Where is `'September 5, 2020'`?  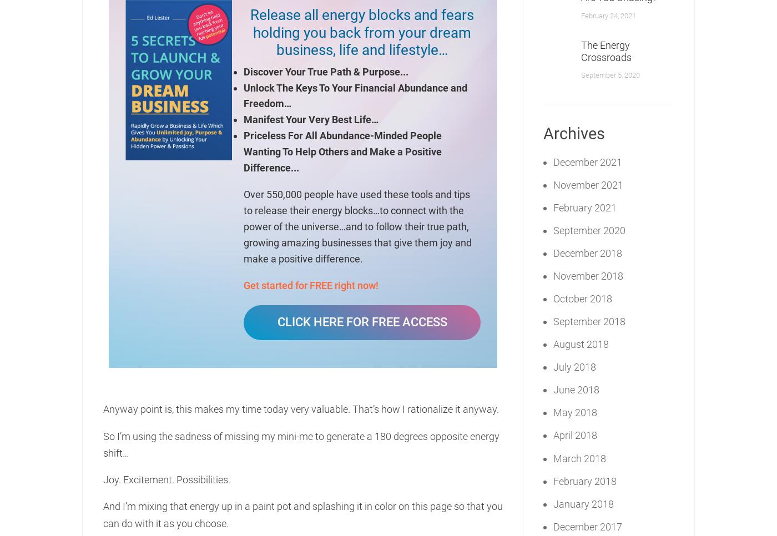 'September 5, 2020' is located at coordinates (610, 74).